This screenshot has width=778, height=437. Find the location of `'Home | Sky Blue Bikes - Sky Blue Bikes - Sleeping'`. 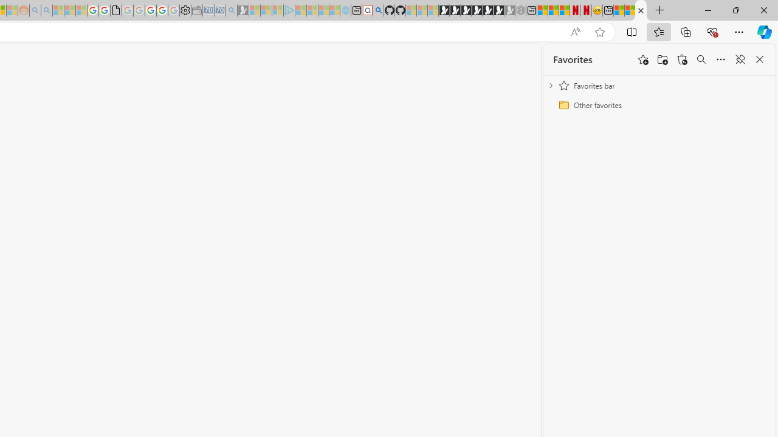

'Home | Sky Blue Bikes - Sky Blue Bikes - Sleeping' is located at coordinates (345, 10).